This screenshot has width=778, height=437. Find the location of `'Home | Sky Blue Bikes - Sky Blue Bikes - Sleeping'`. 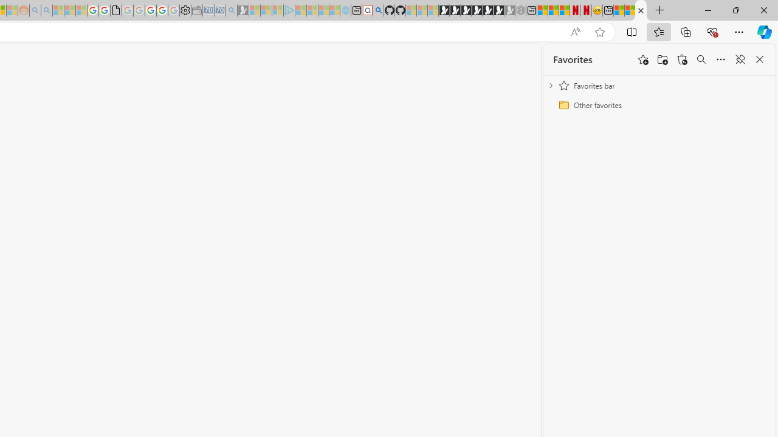

'Home | Sky Blue Bikes - Sky Blue Bikes - Sleeping' is located at coordinates (345, 10).